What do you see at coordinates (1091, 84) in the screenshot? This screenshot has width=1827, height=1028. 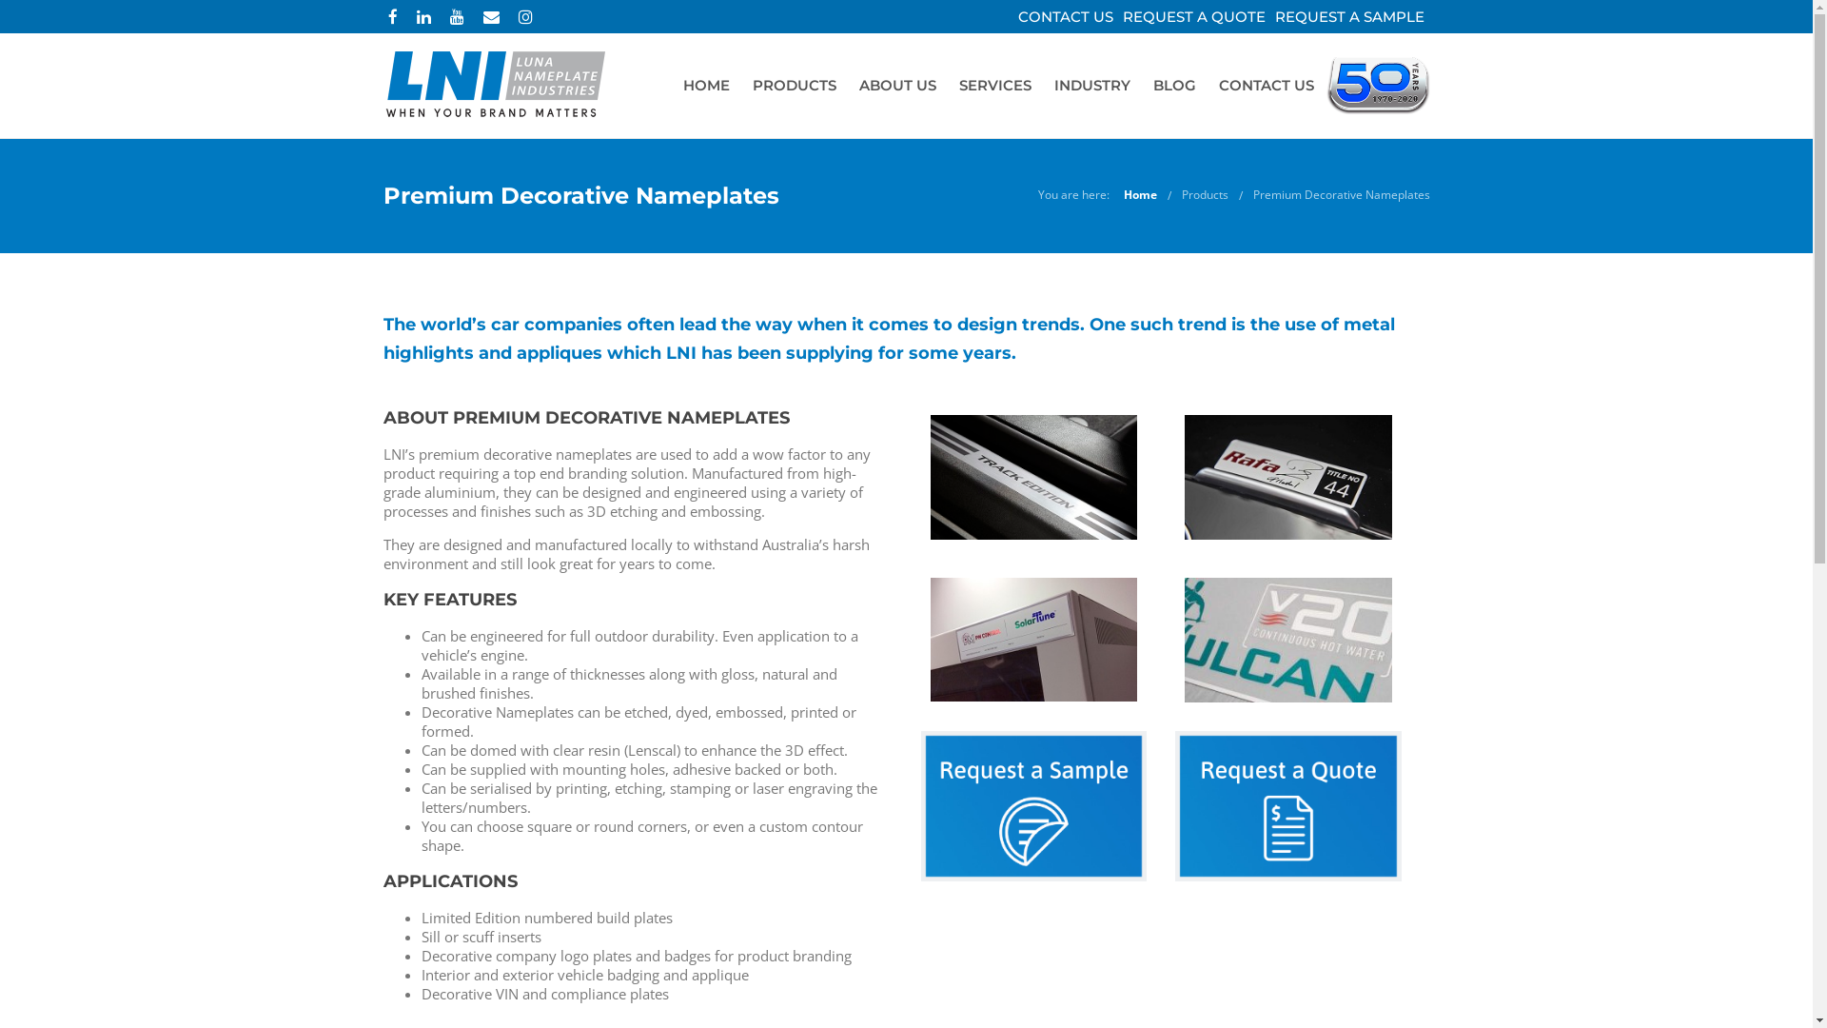 I see `'INDUSTRY'` at bounding box center [1091, 84].